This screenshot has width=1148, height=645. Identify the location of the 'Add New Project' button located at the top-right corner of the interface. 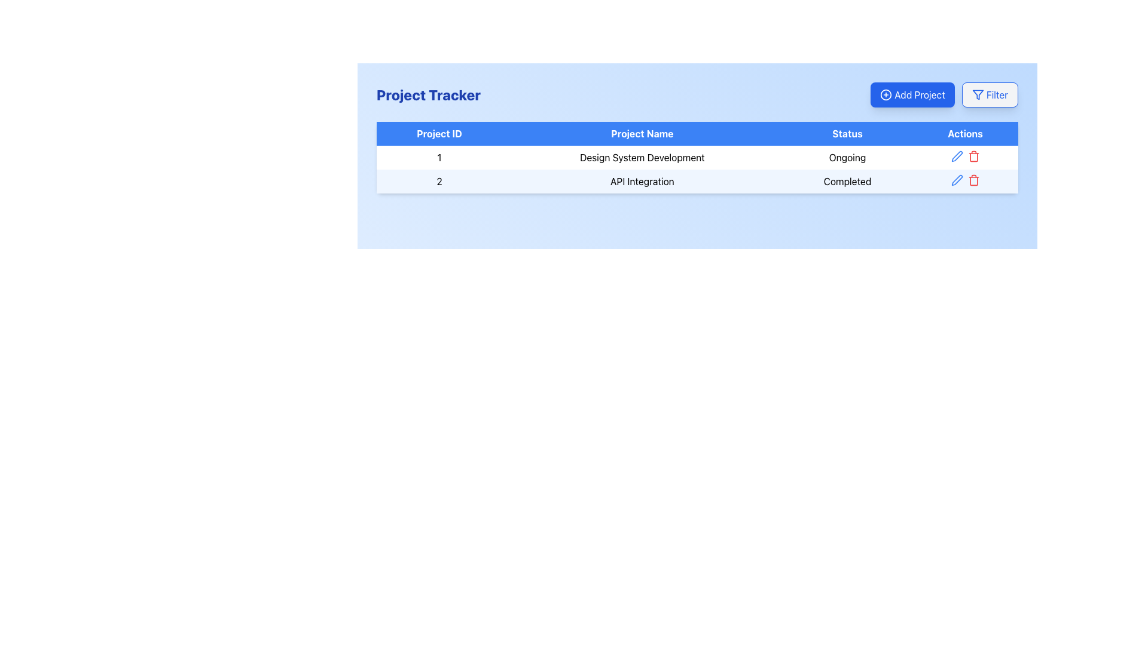
(912, 94).